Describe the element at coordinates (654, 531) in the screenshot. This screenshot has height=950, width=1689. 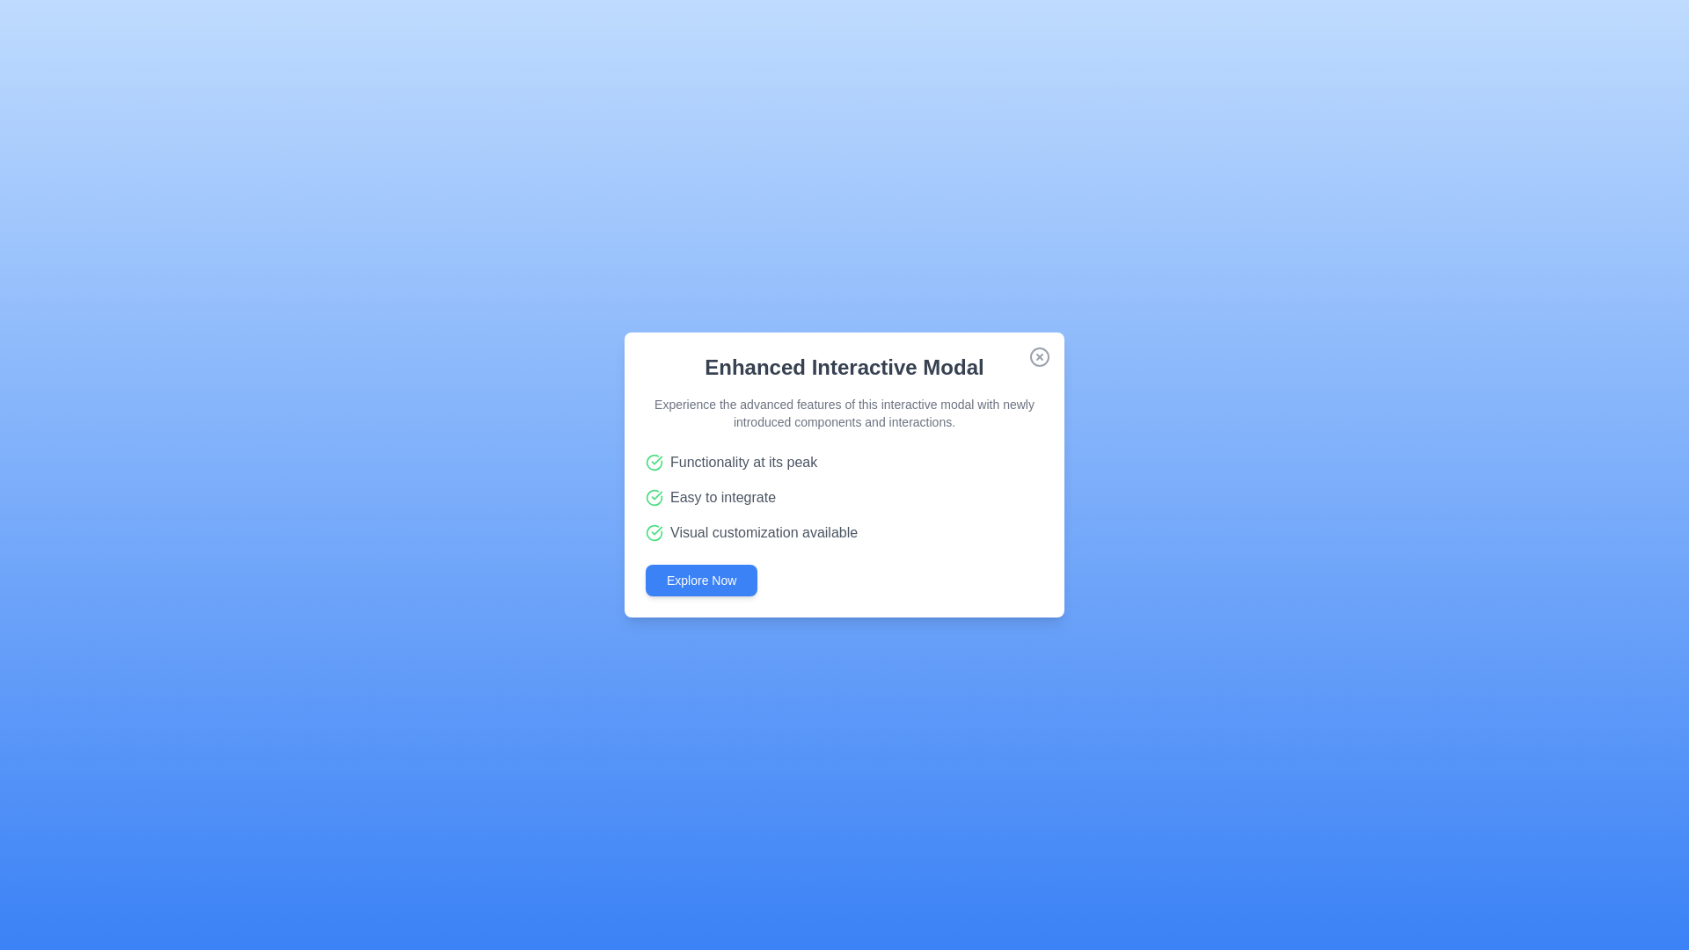
I see `the visual feedback of the green-bordered check icon aligned with the text 'Functionality at its peak' in the modal window` at that location.